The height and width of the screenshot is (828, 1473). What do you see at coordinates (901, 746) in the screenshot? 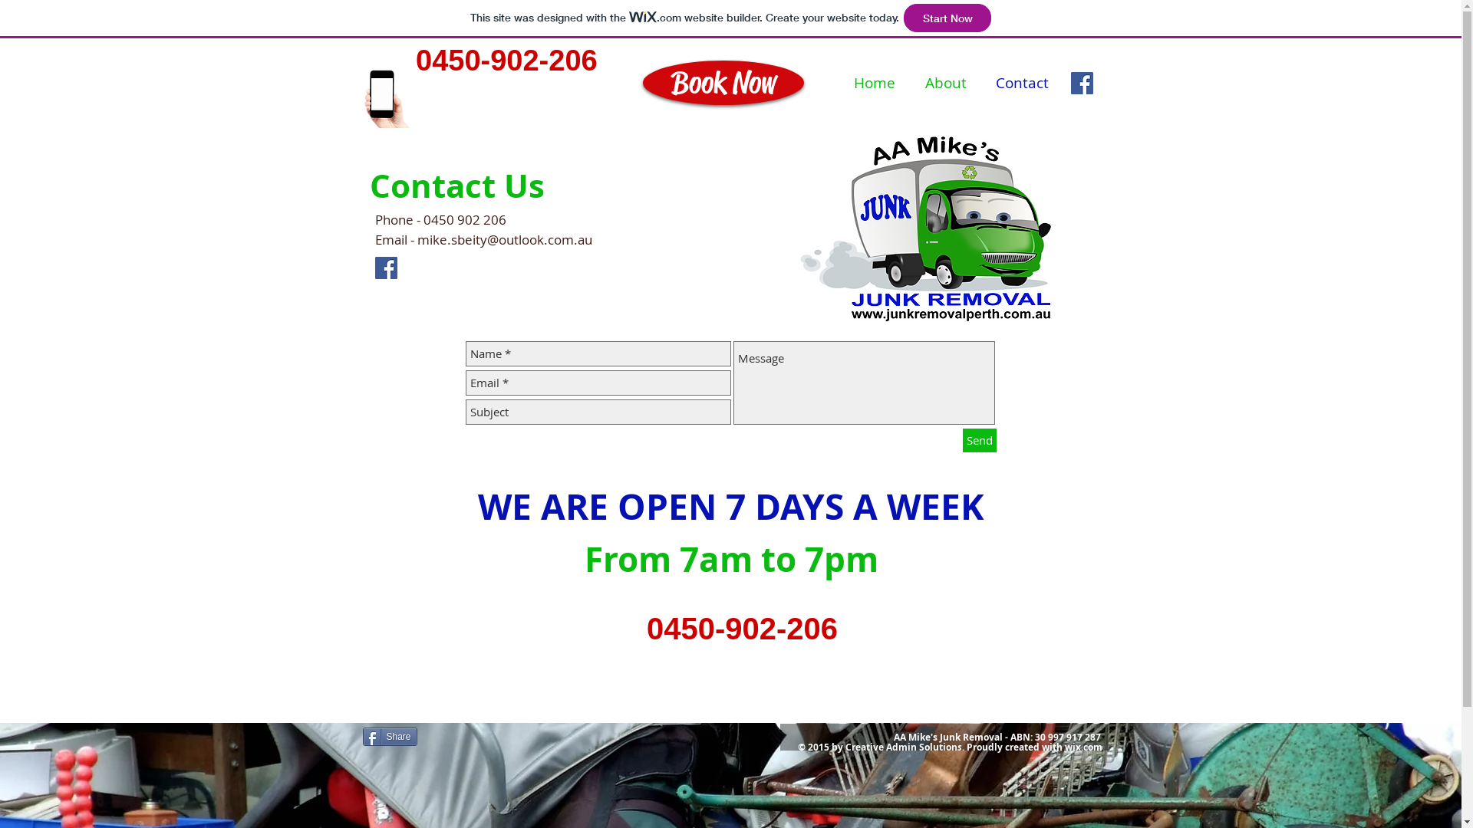
I see `'Creative Admin Solution'` at bounding box center [901, 746].